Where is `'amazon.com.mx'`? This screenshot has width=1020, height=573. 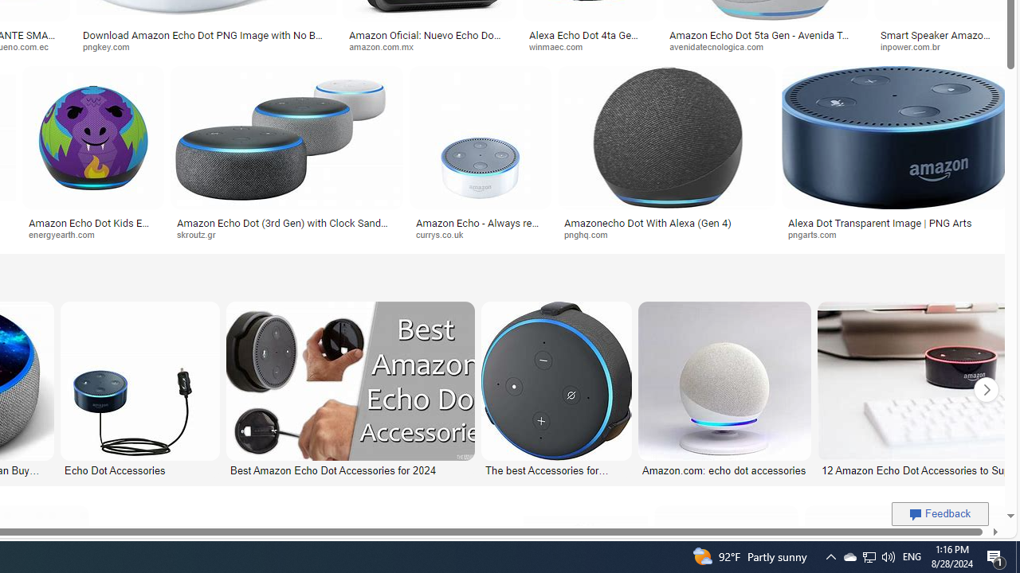 'amazon.com.mx' is located at coordinates (429, 46).